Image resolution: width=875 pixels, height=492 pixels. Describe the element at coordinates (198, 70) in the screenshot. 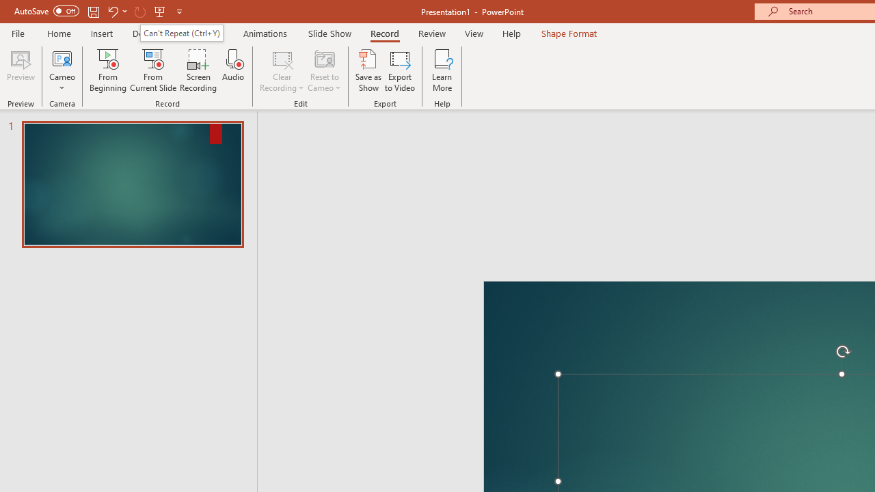

I see `'Screen Recording'` at that location.